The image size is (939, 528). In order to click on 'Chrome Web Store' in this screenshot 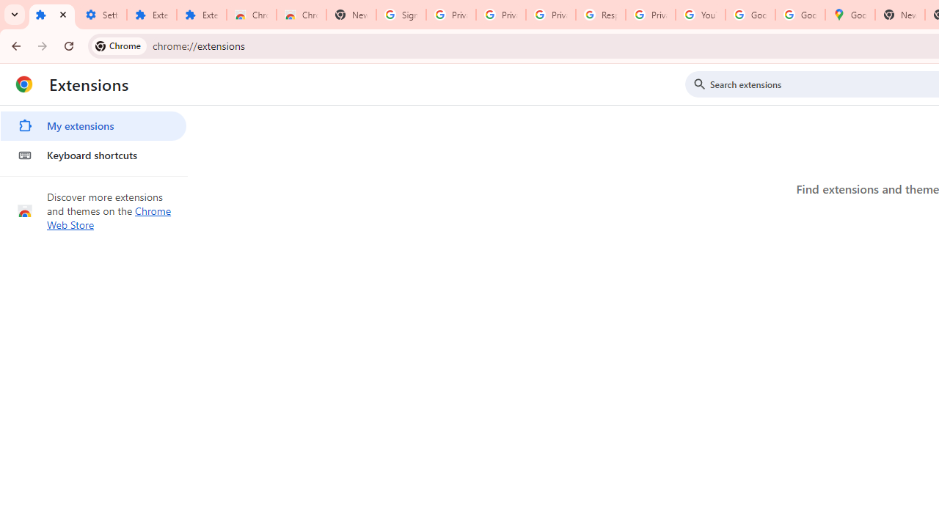, I will do `click(109, 218)`.